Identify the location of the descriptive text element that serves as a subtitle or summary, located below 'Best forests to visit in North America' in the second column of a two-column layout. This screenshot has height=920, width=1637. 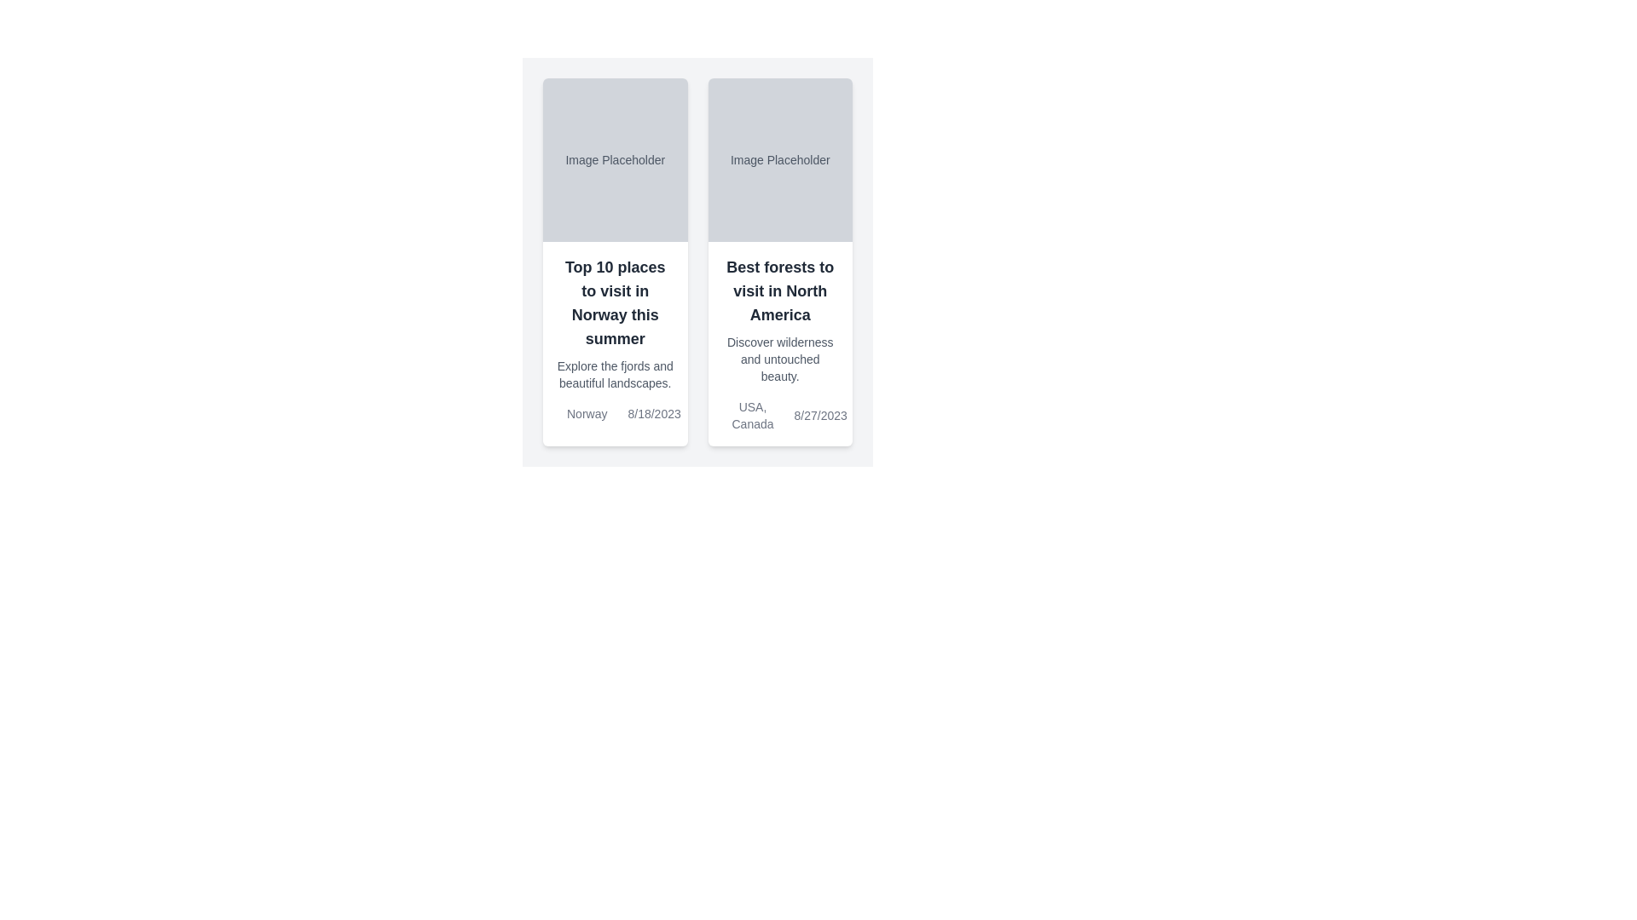
(779, 358).